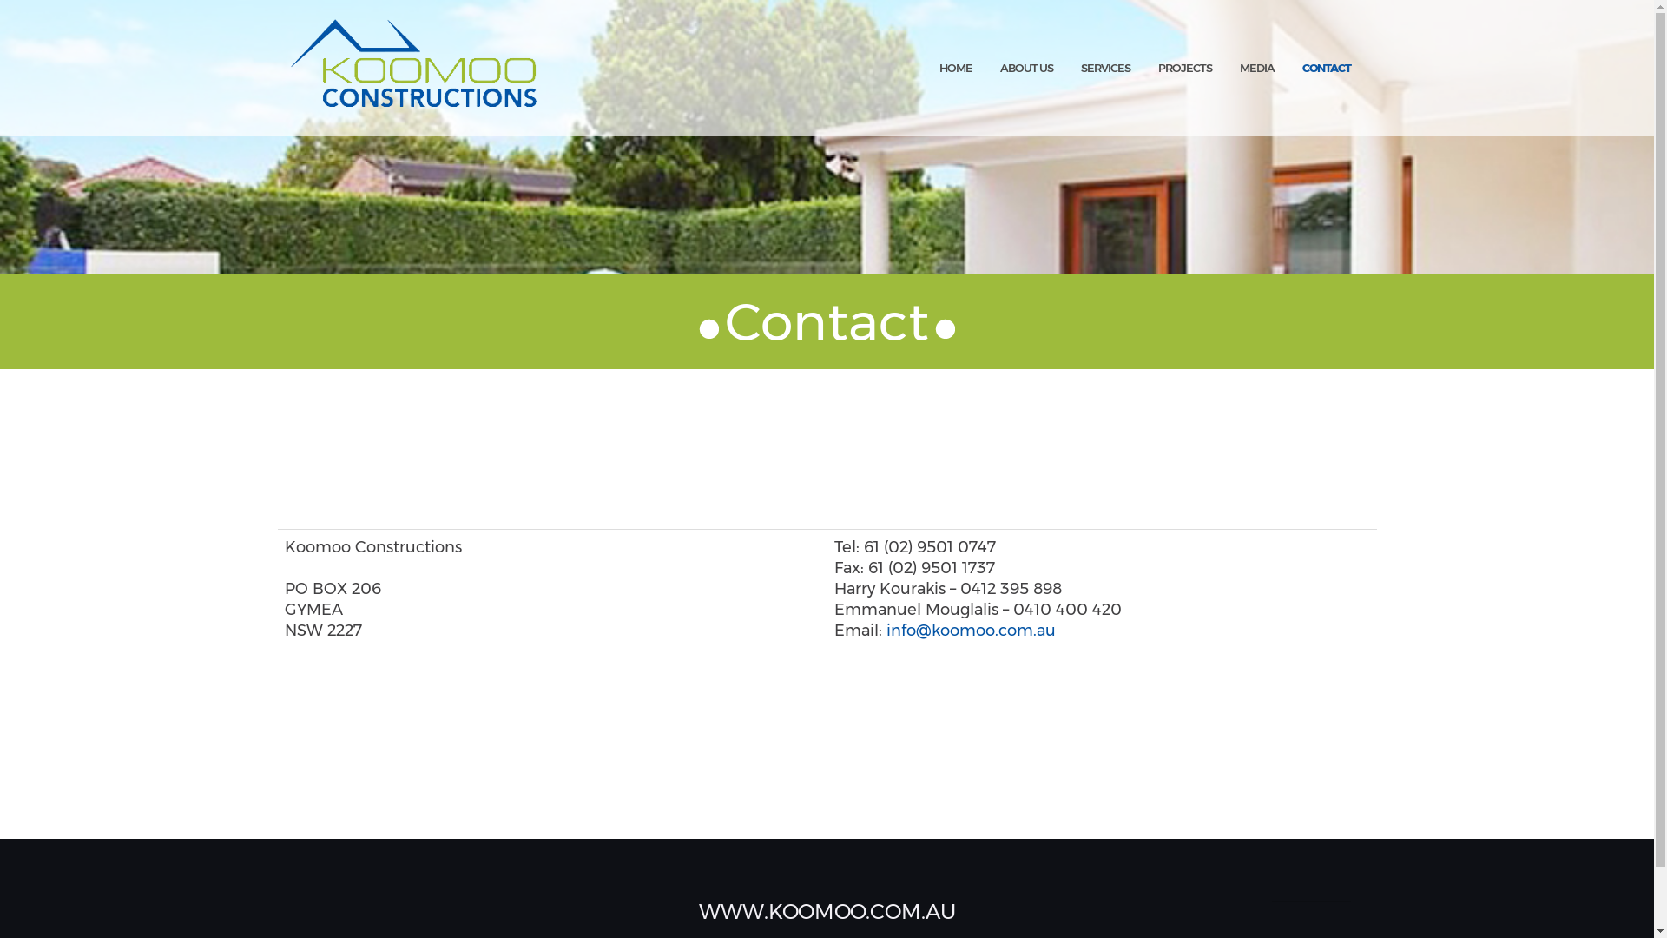 Image resolution: width=1667 pixels, height=938 pixels. I want to click on 'info@koomoo.com.au', so click(969, 630).